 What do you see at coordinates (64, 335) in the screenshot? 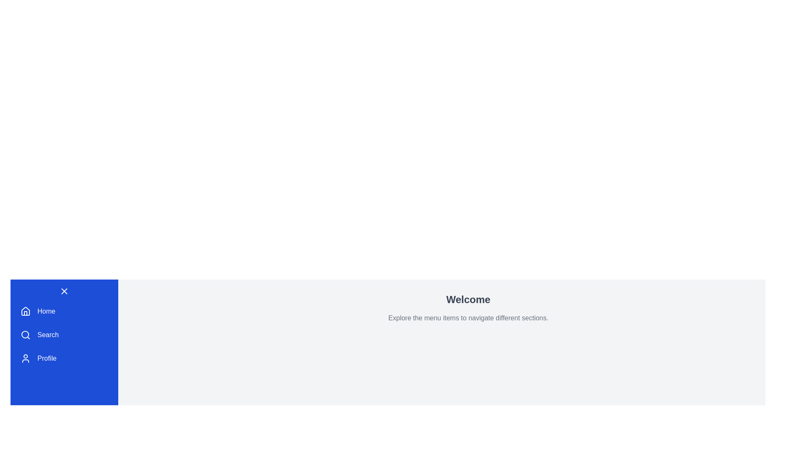
I see `the menu item Search from the DashboardMenu` at bounding box center [64, 335].